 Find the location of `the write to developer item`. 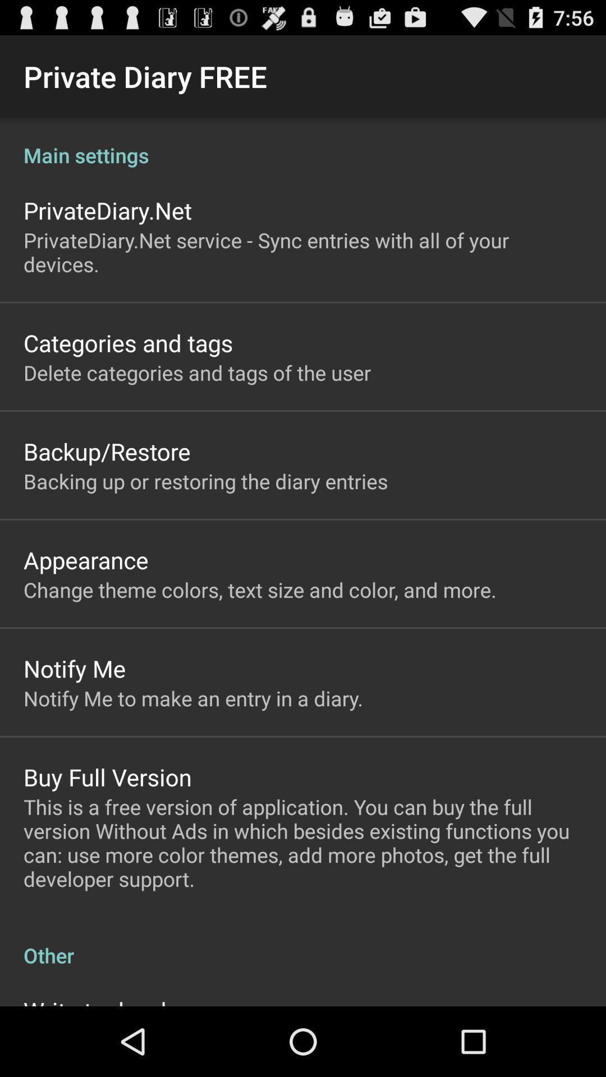

the write to developer item is located at coordinates (118, 1000).